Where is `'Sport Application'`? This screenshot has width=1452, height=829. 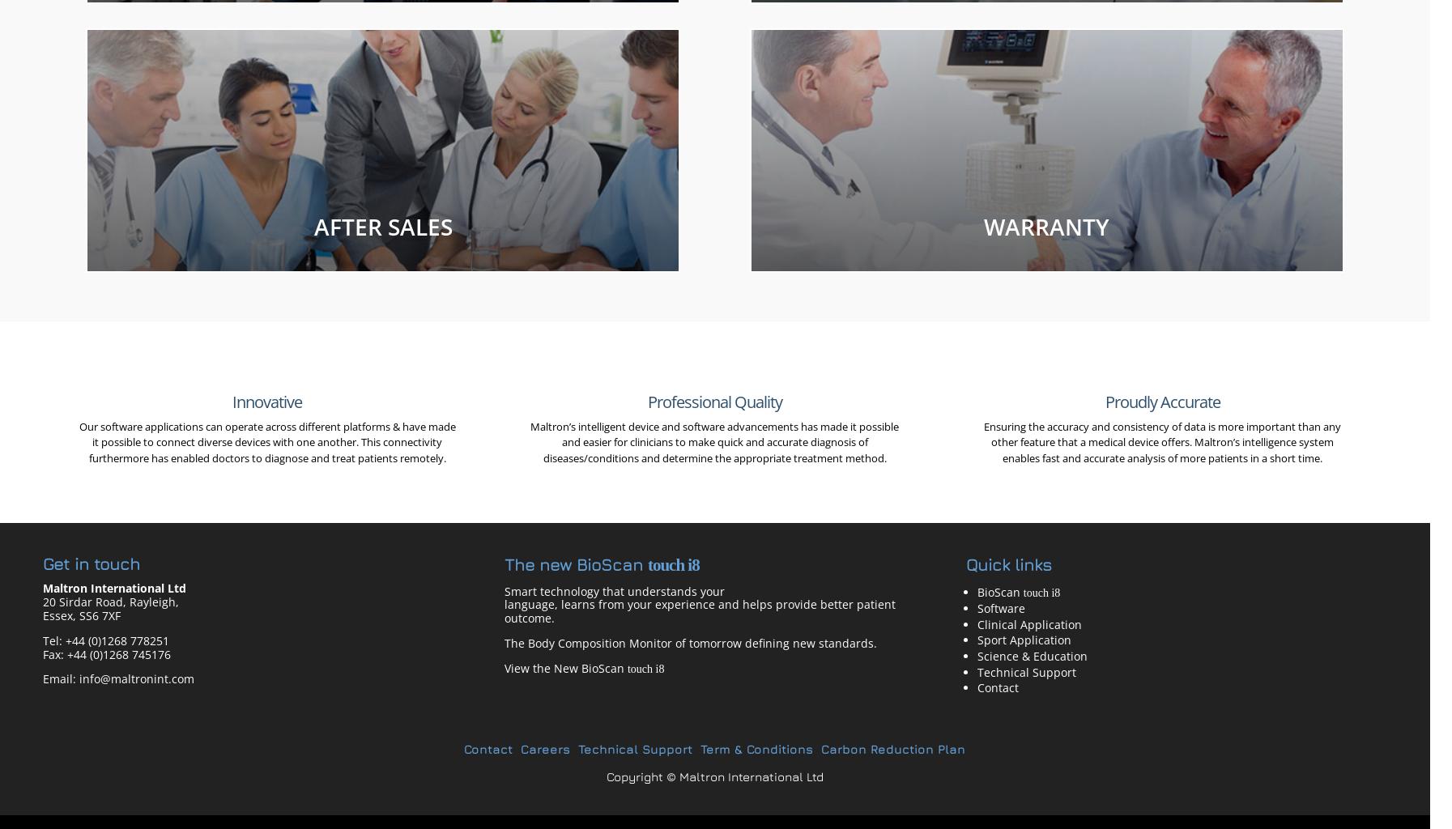
'Sport Application' is located at coordinates (1024, 640).